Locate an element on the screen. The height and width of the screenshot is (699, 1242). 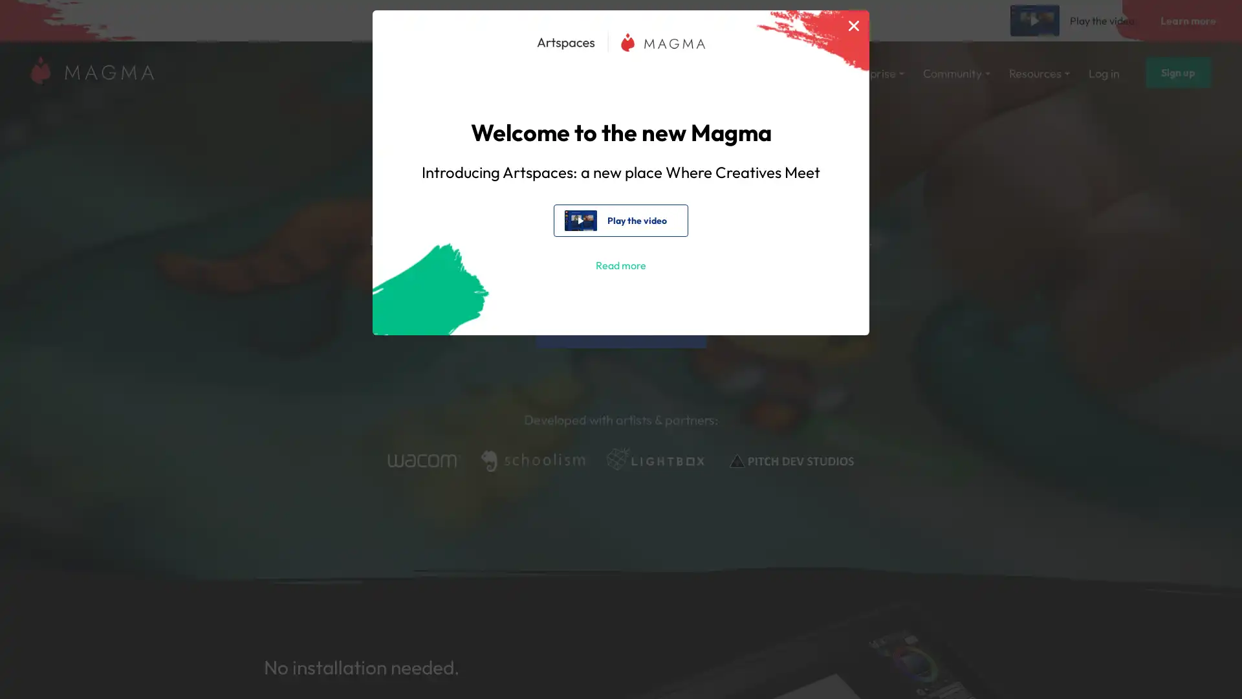
Open Intercom Messenger is located at coordinates (1209, 666).